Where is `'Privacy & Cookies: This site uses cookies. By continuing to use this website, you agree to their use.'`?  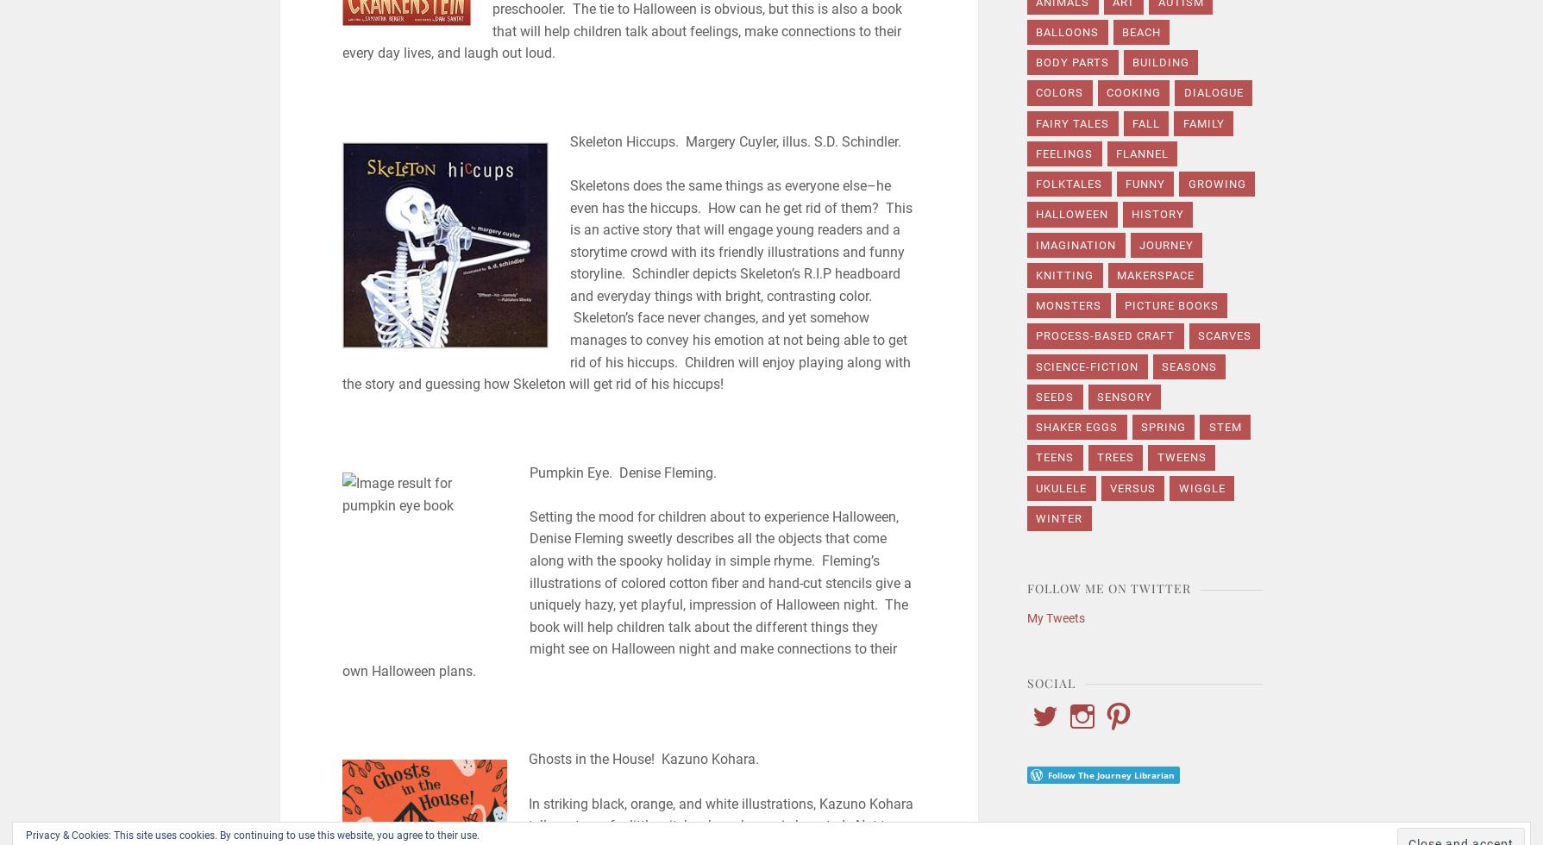
'Privacy & Cookies: This site uses cookies. By continuing to use this website, you agree to their use.' is located at coordinates (253, 836).